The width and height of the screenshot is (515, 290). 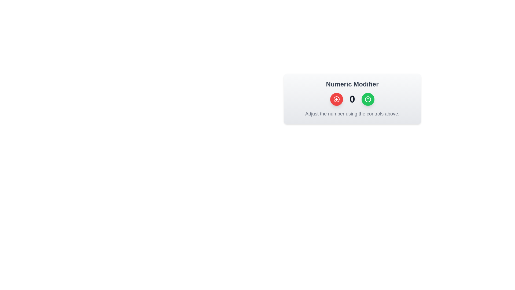 What do you see at coordinates (367, 99) in the screenshot?
I see `the circular green button with a white upward arrow icon` at bounding box center [367, 99].